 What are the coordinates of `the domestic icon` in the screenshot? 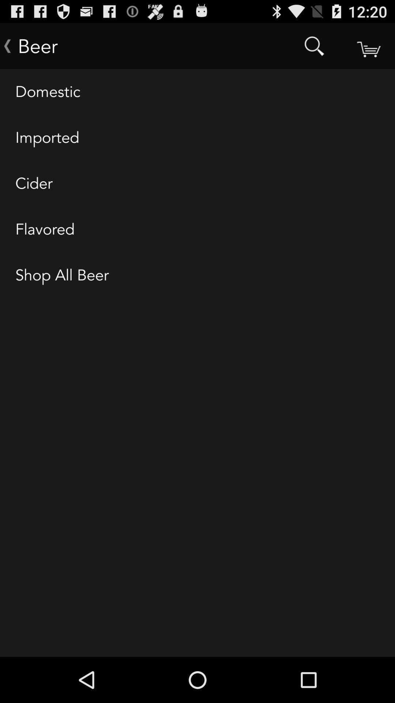 It's located at (197, 92).